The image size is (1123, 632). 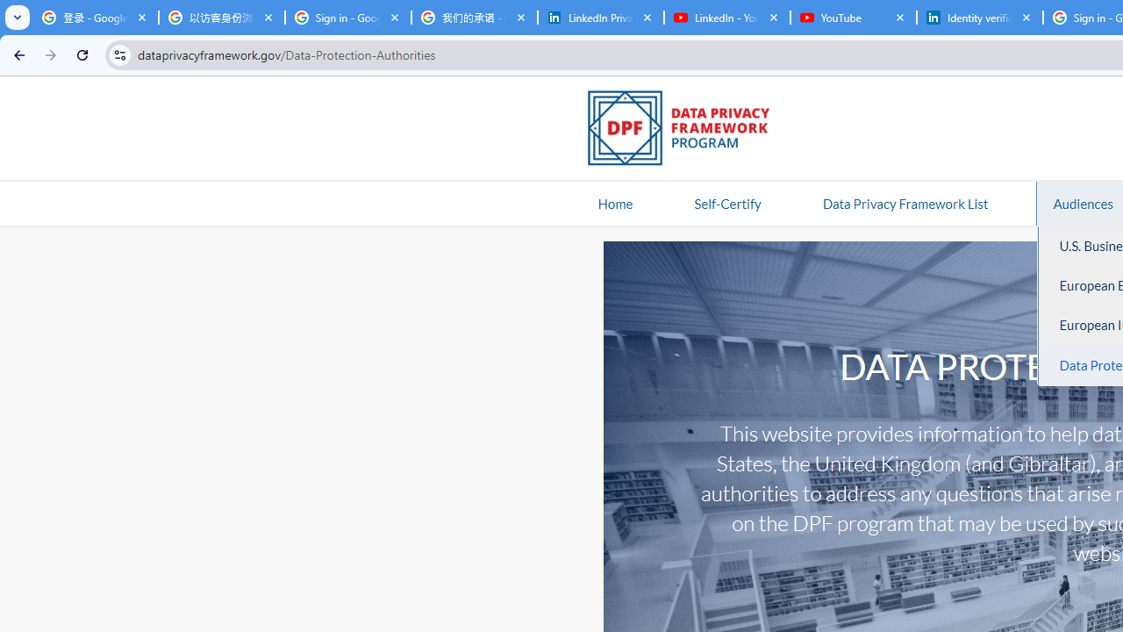 I want to click on 'Data Privacy Framework Logo - Link to Homepage', so click(x=687, y=130).